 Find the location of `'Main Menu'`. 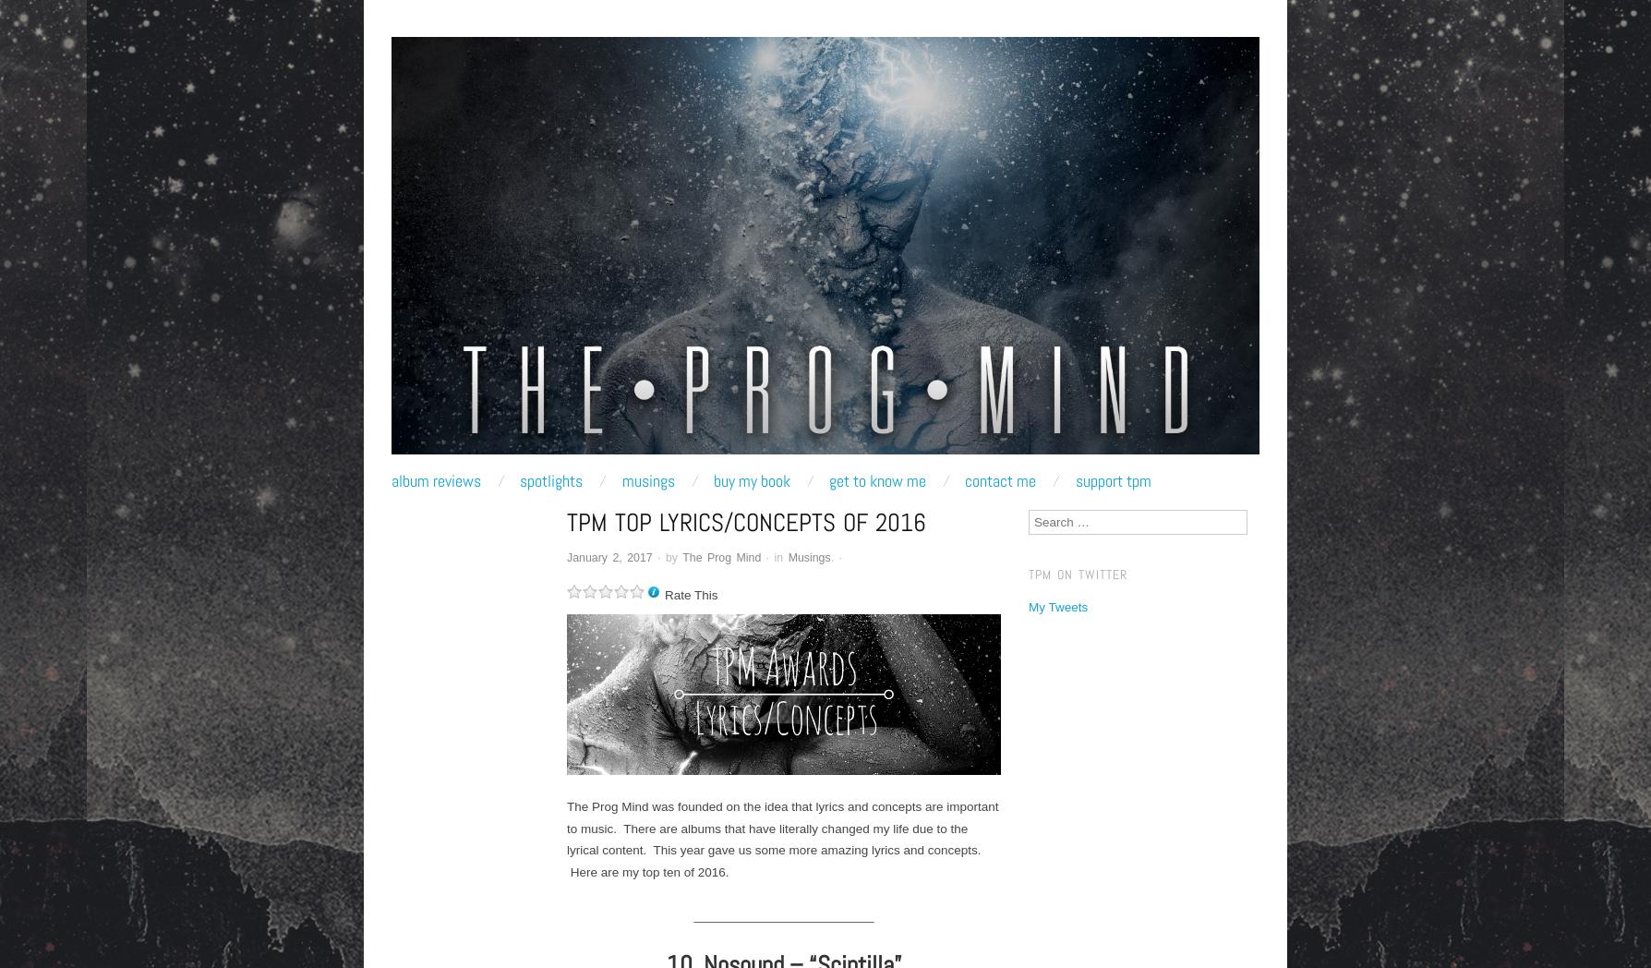

'Main Menu' is located at coordinates (468, 494).